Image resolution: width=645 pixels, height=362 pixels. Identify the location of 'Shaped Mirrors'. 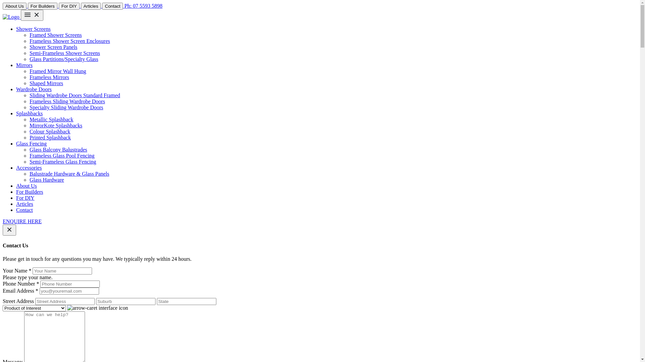
(29, 83).